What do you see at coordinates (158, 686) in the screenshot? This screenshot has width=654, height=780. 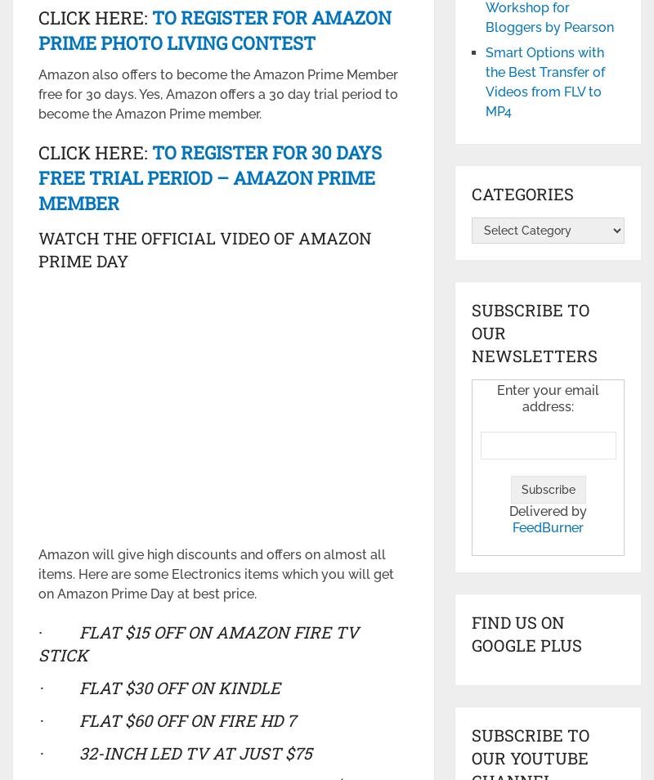 I see `'·         Flat $30 off on Kindle'` at bounding box center [158, 686].